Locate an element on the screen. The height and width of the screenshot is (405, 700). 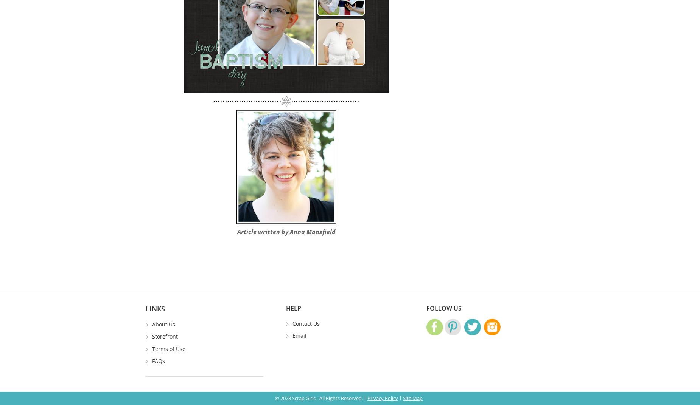
'Site Map' is located at coordinates (412, 398).